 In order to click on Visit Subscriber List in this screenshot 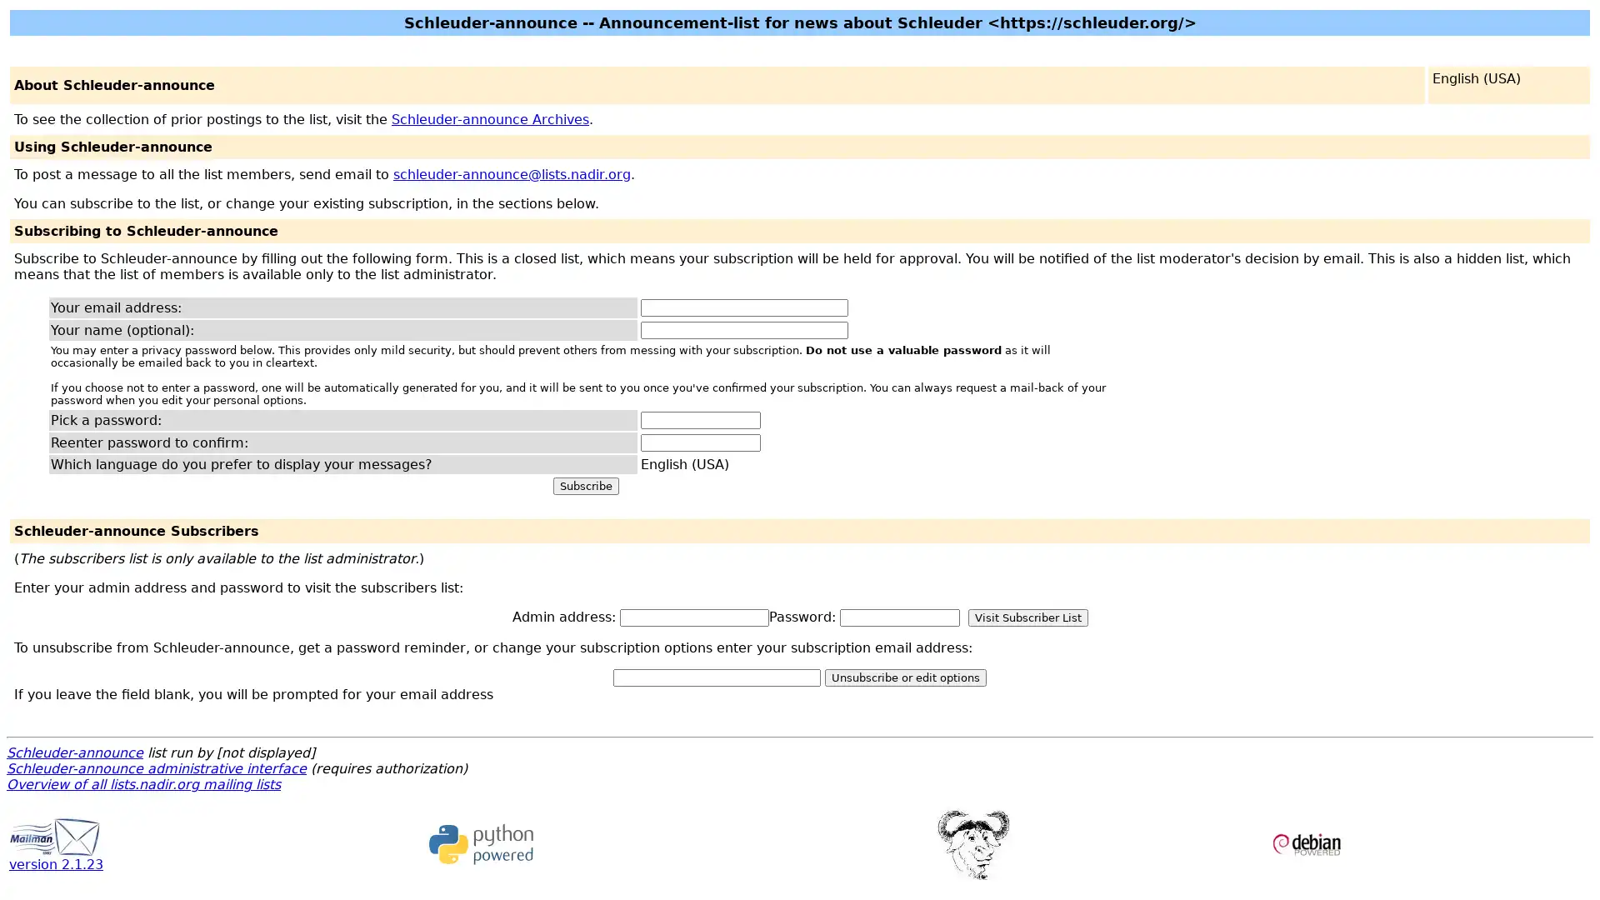, I will do `click(1027, 617)`.